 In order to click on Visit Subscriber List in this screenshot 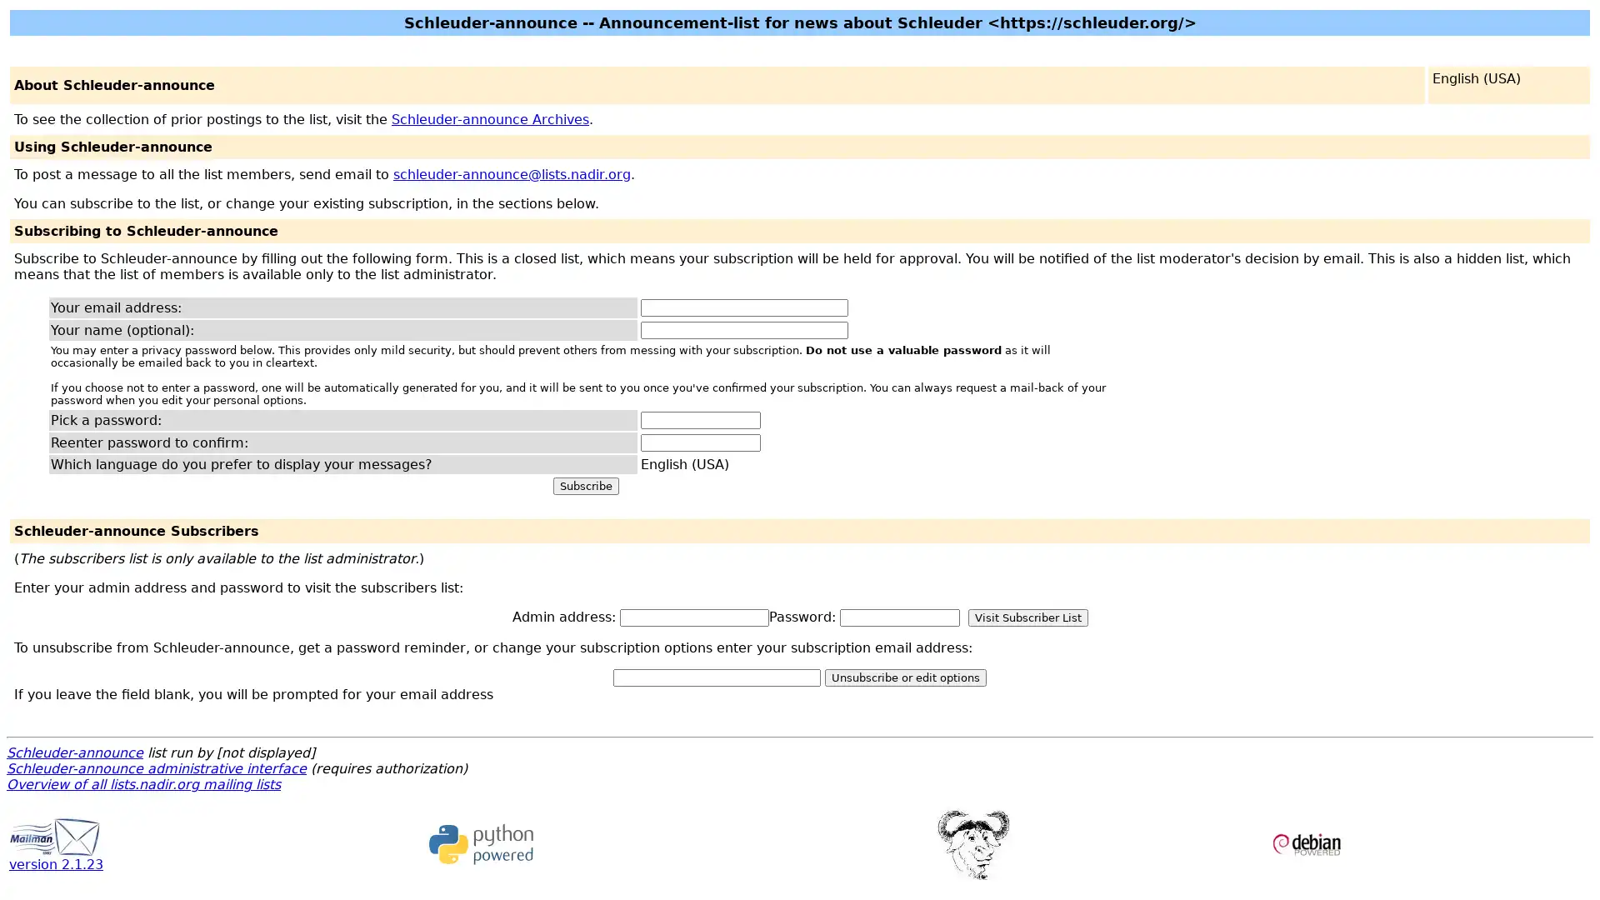, I will do `click(1027, 617)`.